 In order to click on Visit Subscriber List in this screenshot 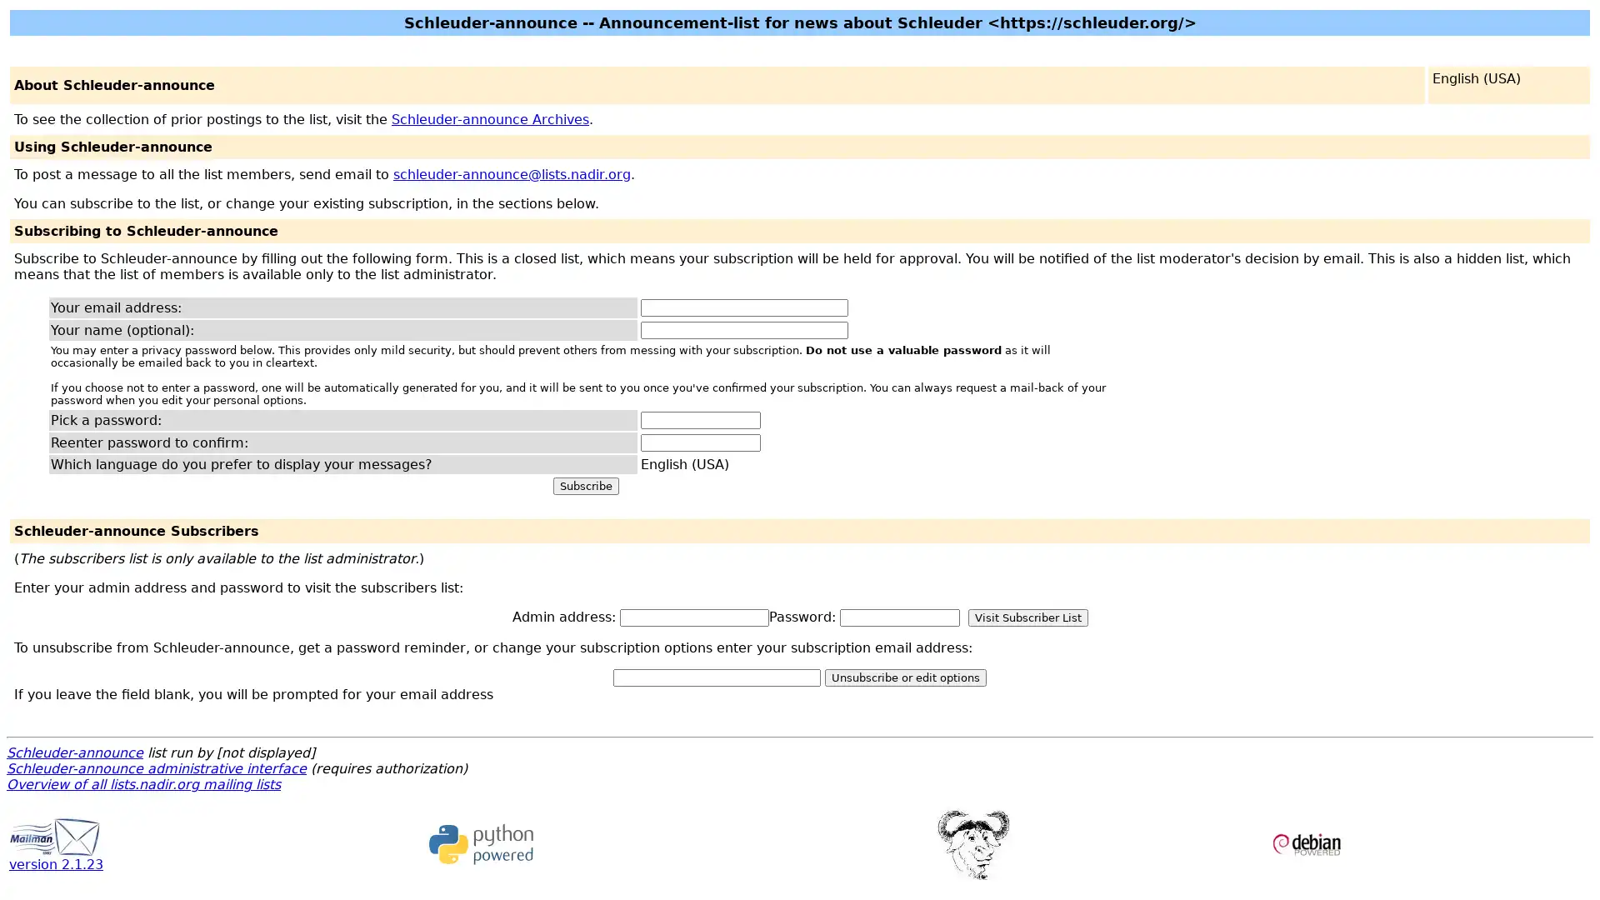, I will do `click(1027, 617)`.